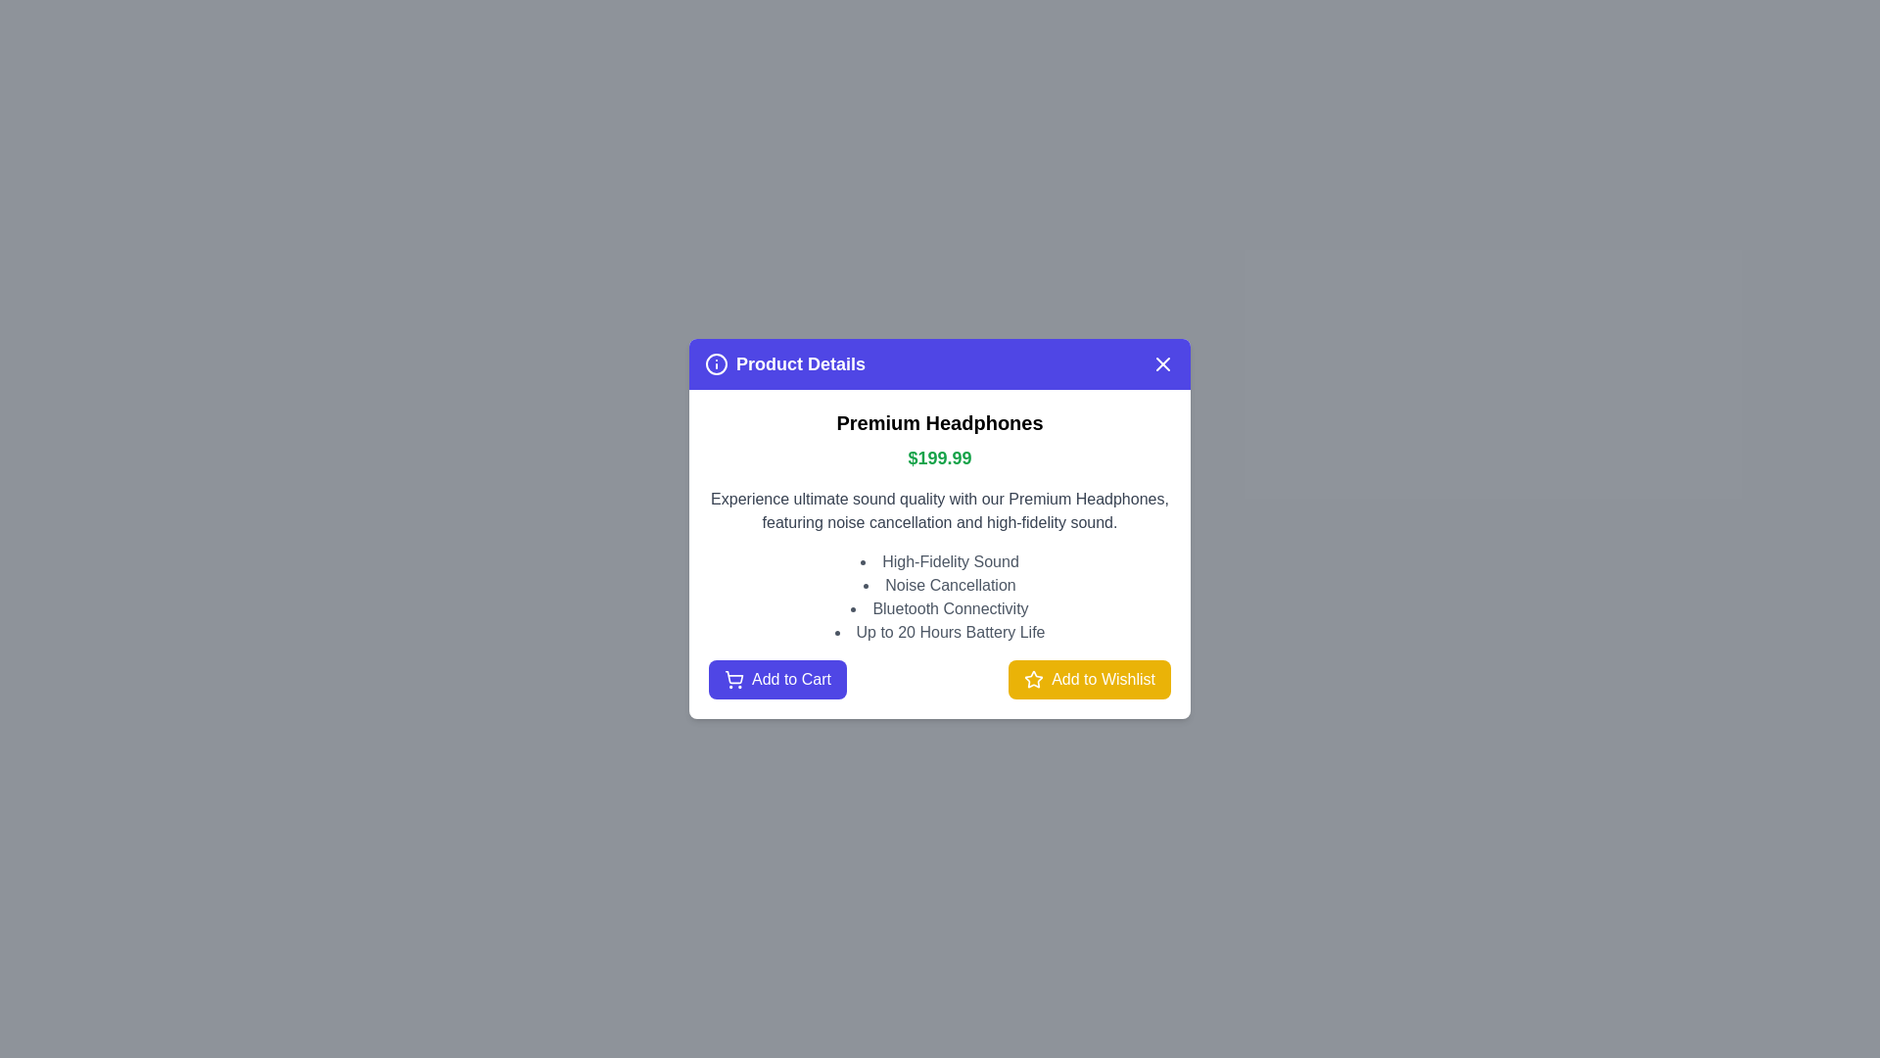  I want to click on the 'Add to Cart' button to add the product to the cart, so click(775, 679).